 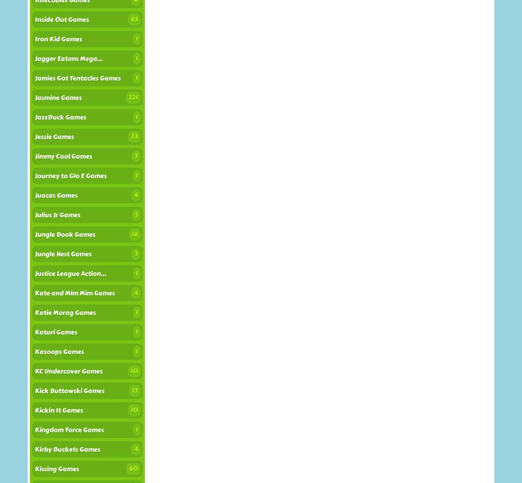 I want to click on '5', so click(x=136, y=214).